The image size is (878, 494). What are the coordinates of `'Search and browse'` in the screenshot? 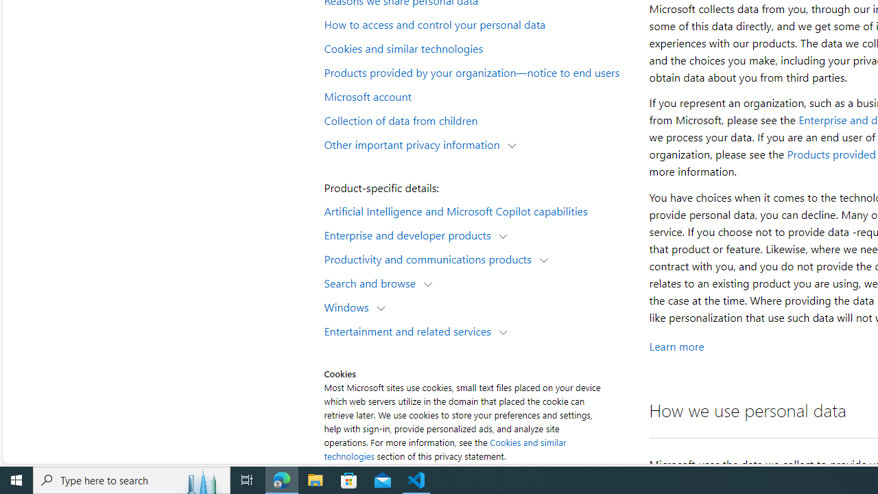 It's located at (373, 282).